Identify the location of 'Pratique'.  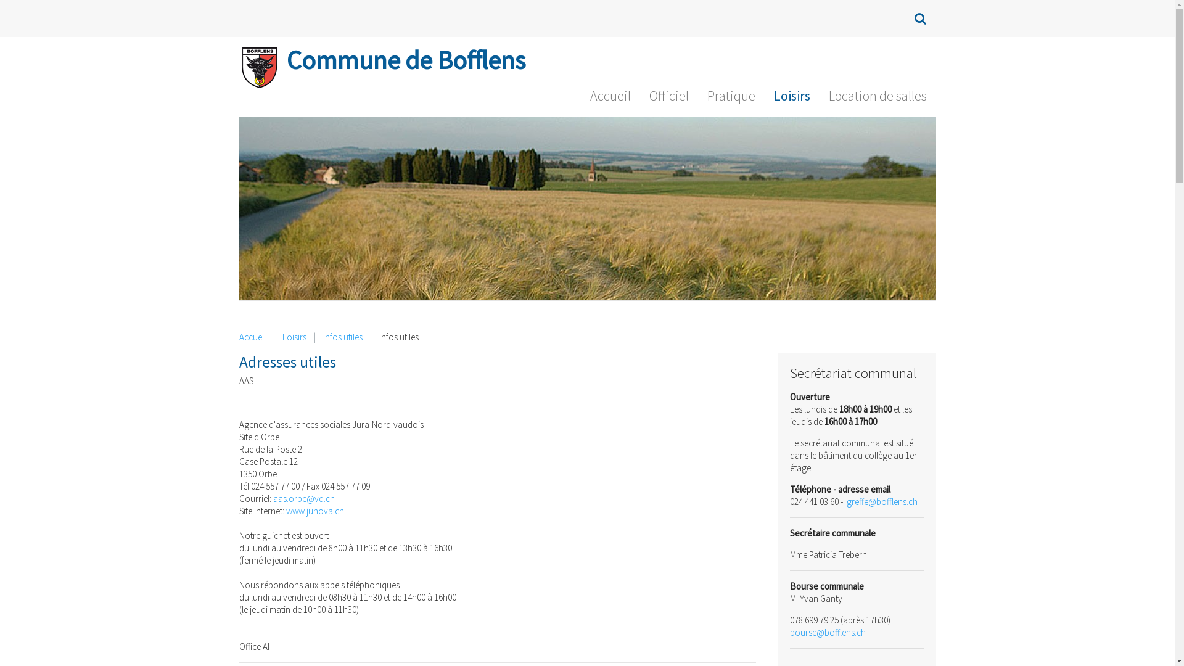
(698, 97).